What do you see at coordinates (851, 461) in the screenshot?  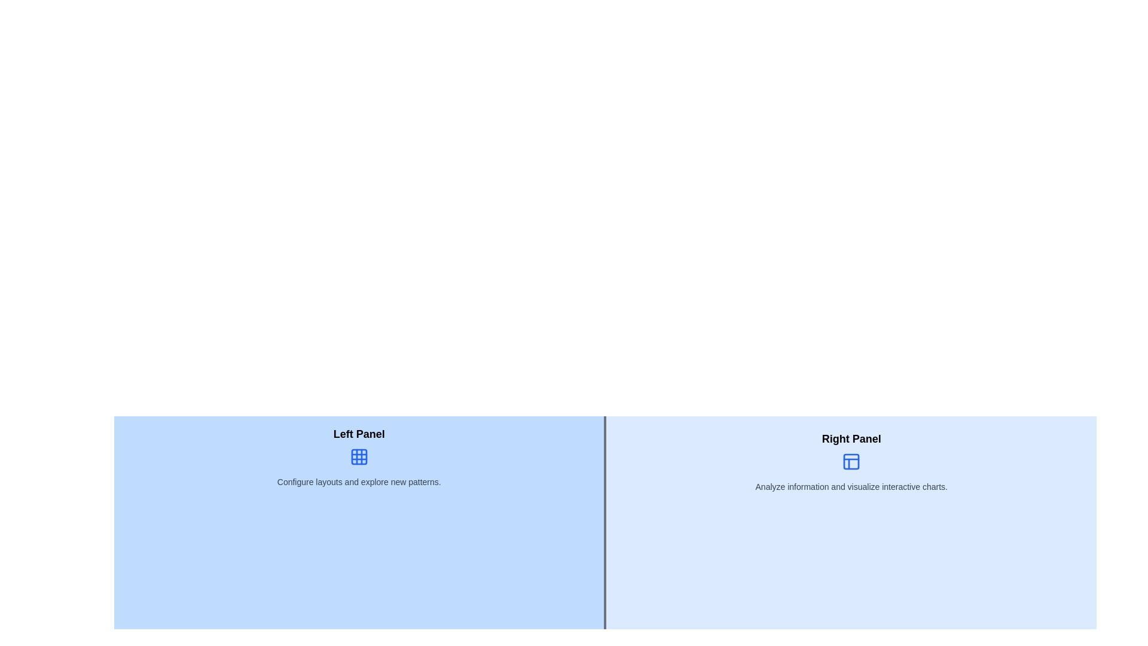 I see `the decorative icon or SVG graphic component located in the 'Right Panel' section, positioned below the 'Right Panel' text label` at bounding box center [851, 461].